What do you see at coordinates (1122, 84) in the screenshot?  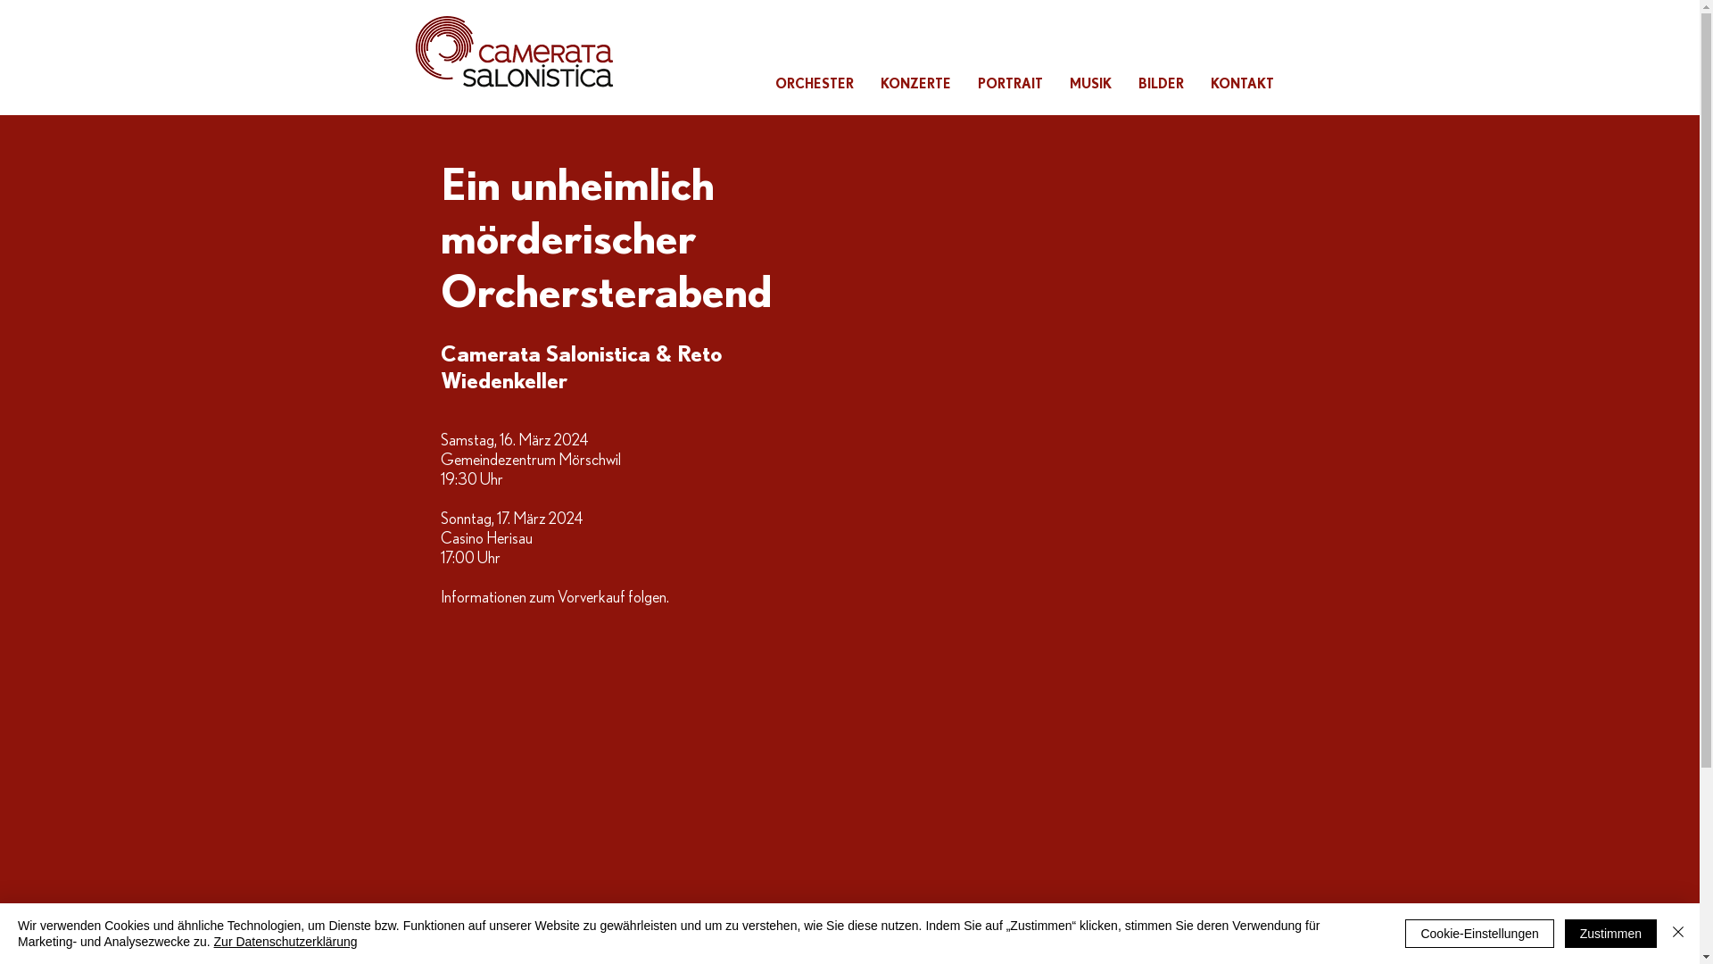 I see `'BILDER'` at bounding box center [1122, 84].